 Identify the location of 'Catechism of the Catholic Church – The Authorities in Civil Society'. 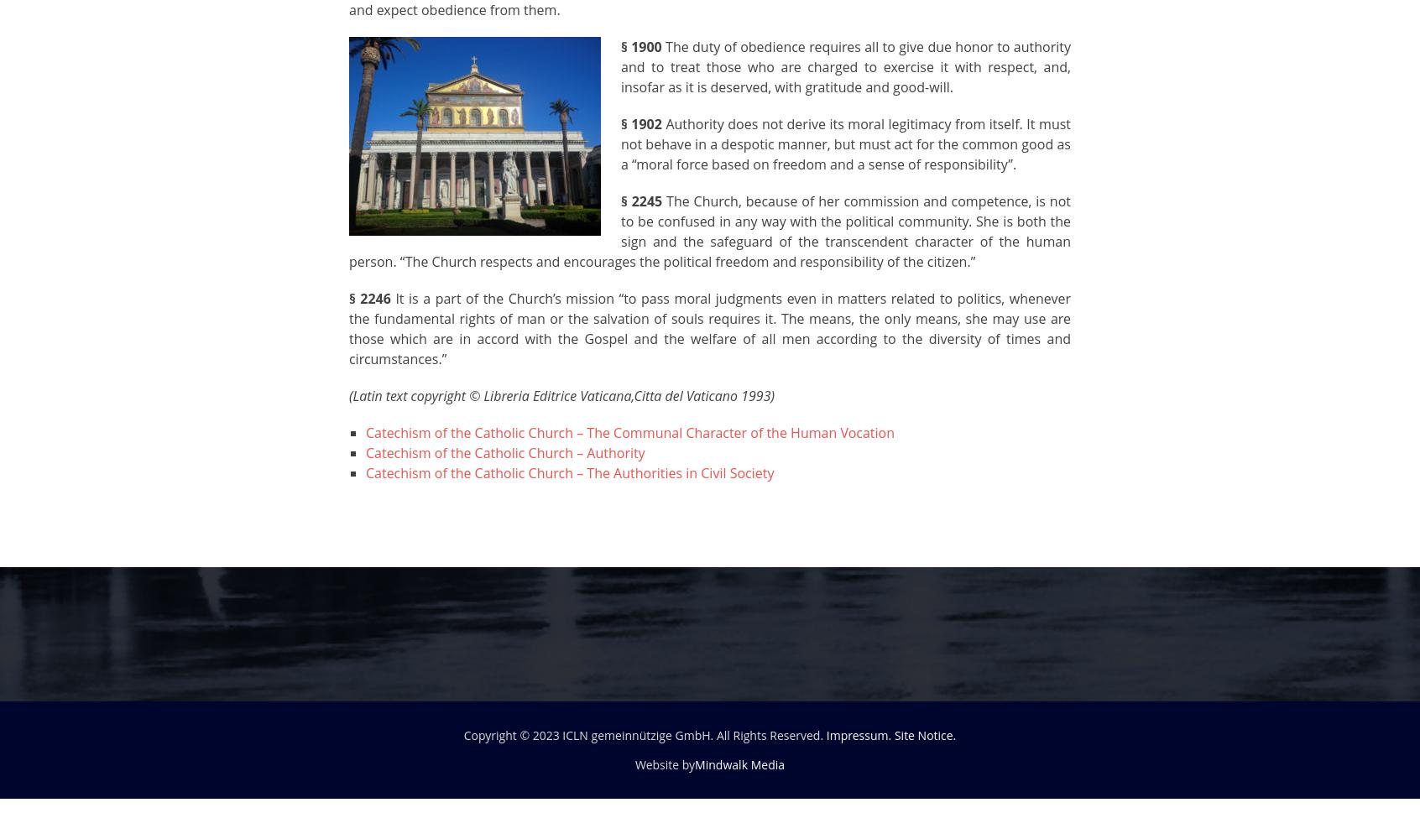
(569, 472).